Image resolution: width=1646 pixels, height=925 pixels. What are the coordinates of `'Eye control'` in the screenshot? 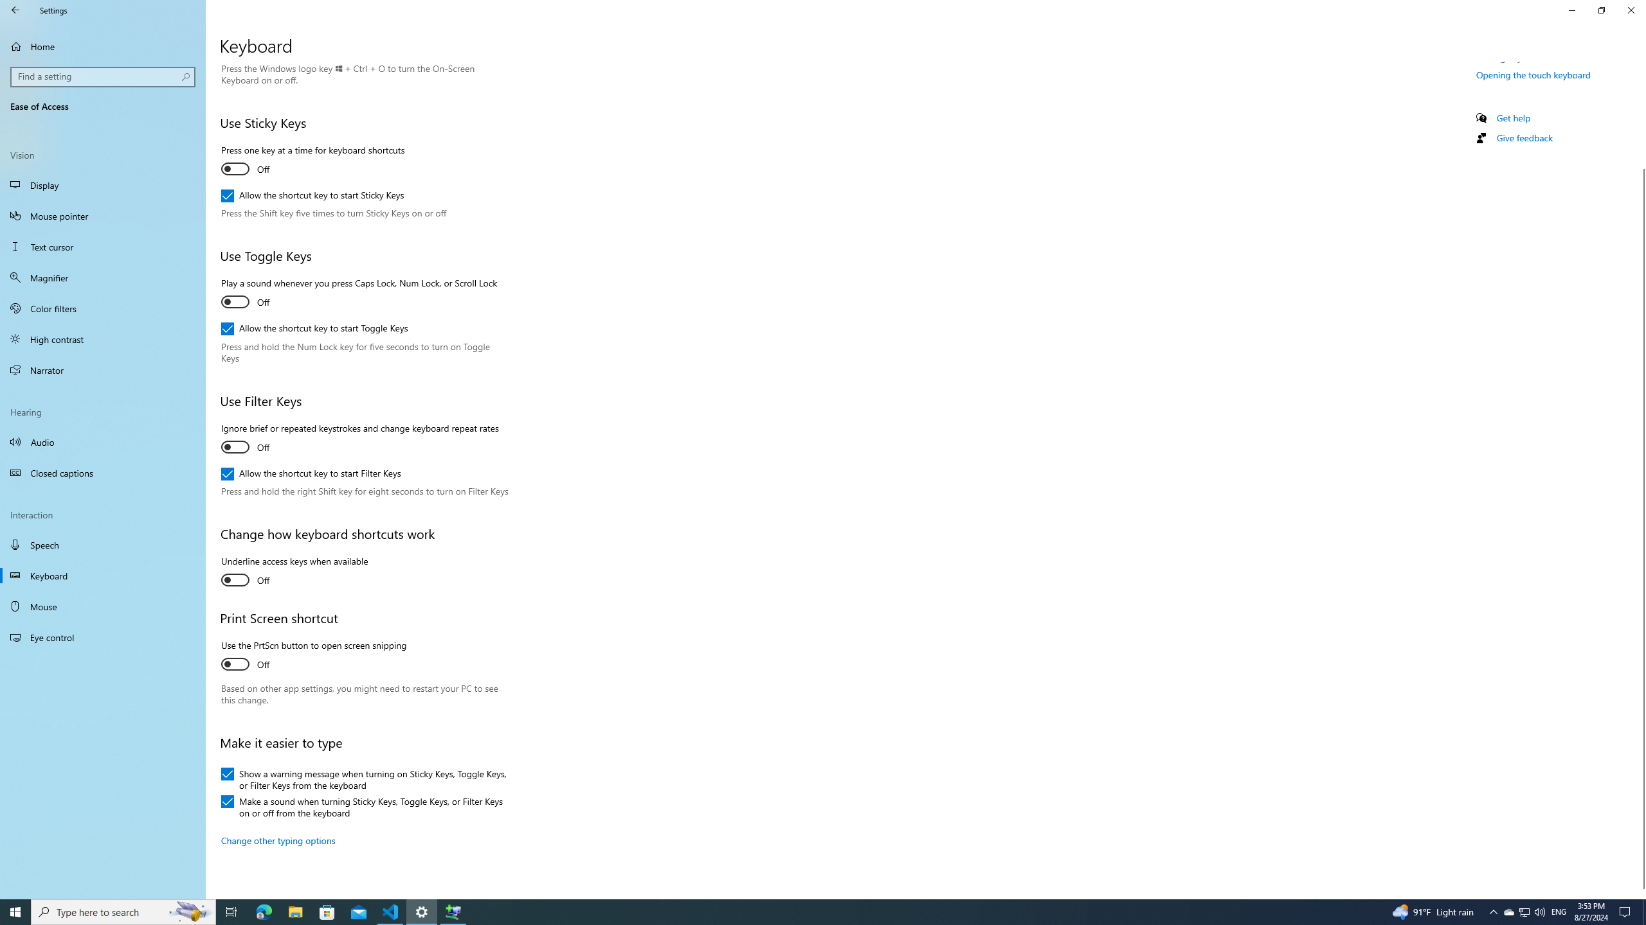 It's located at (102, 637).